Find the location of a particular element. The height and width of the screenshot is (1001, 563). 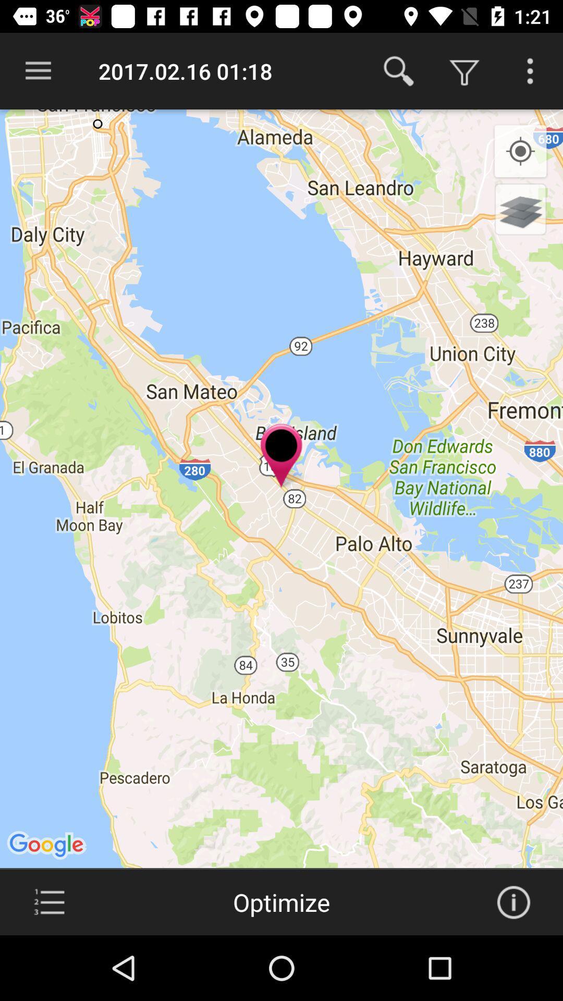

switch to 3d view is located at coordinates (520, 209).